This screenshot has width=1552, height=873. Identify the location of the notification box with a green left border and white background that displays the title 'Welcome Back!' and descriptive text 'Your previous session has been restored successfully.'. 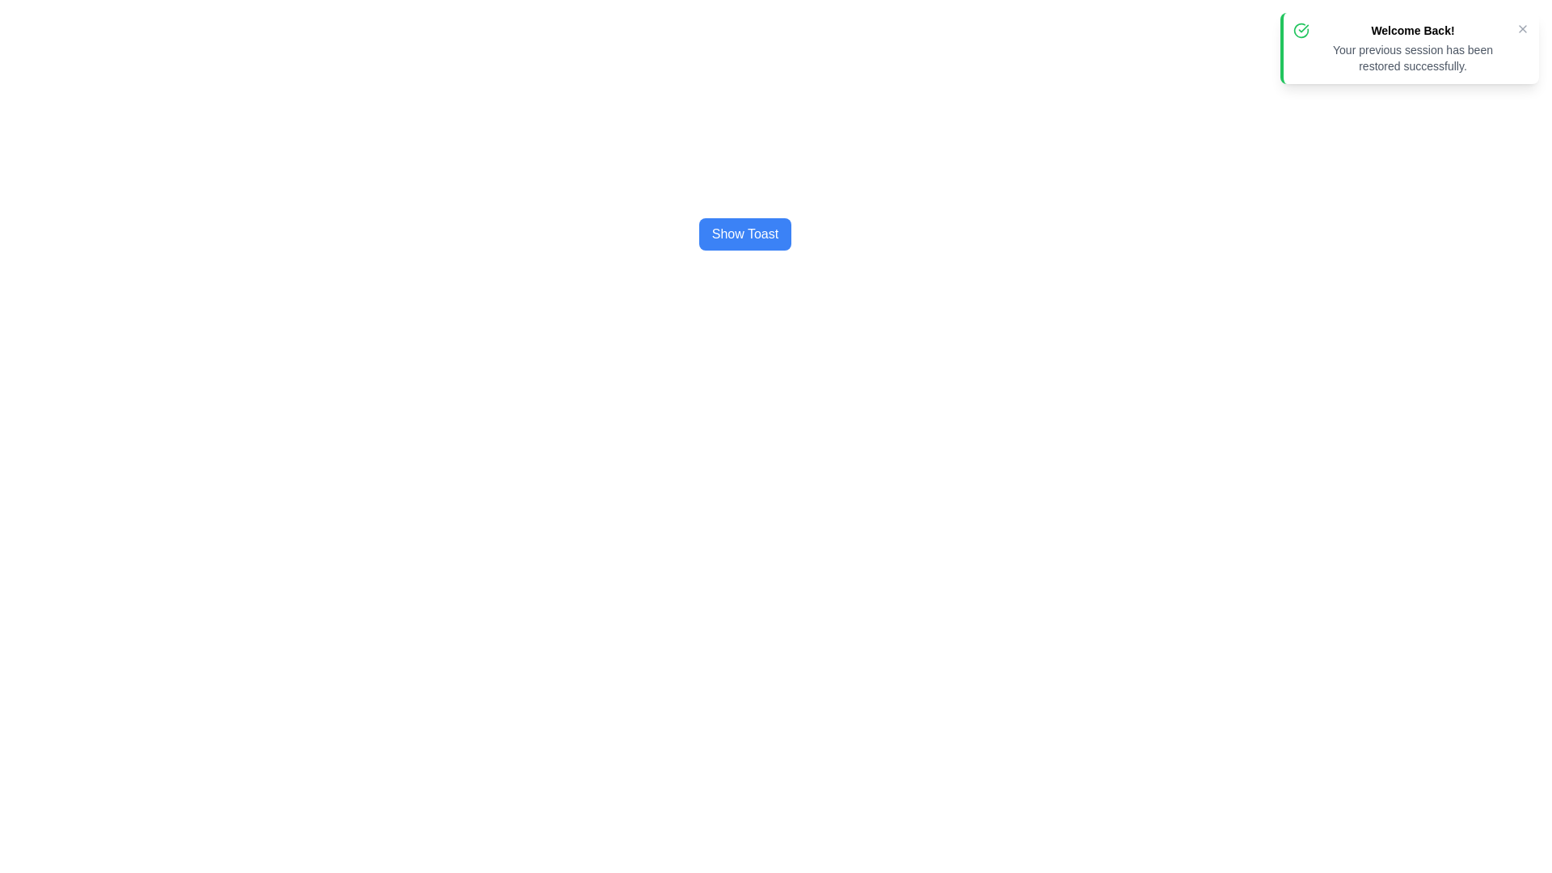
(1408, 48).